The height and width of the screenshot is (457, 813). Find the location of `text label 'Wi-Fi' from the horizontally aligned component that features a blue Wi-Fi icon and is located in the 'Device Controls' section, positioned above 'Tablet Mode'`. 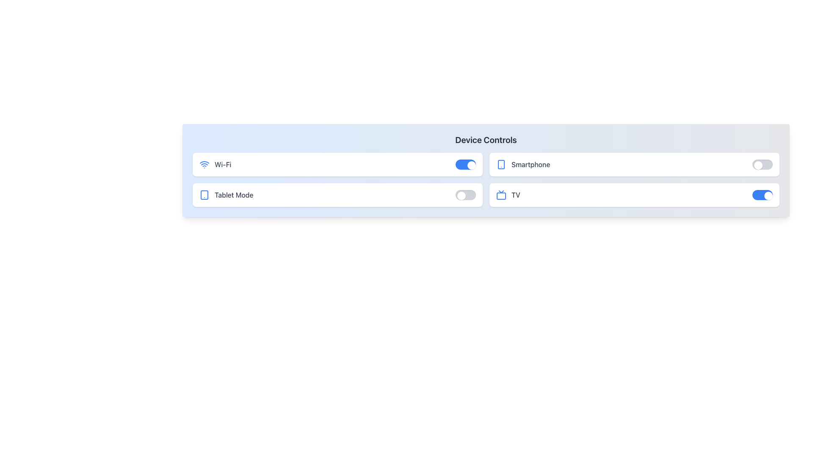

text label 'Wi-Fi' from the horizontally aligned component that features a blue Wi-Fi icon and is located in the 'Device Controls' section, positioned above 'Tablet Mode' is located at coordinates (215, 165).